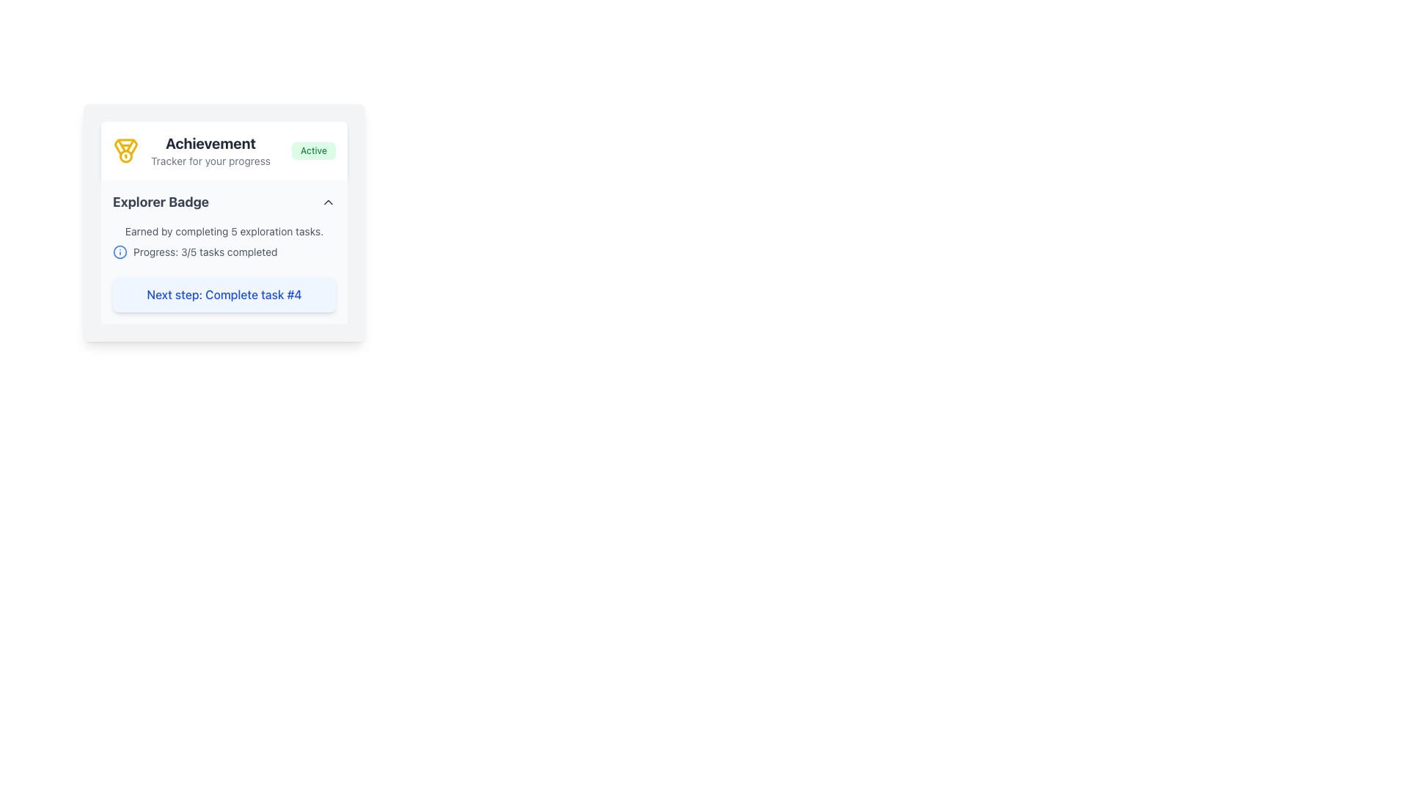 The image size is (1408, 792). Describe the element at coordinates (224, 294) in the screenshot. I see `the Text Display Box that contains the blue text 'Next step: Complete task #4' with a light blue background and rounded corners, located at the bottom of the 'Explorer Badge' section` at that location.